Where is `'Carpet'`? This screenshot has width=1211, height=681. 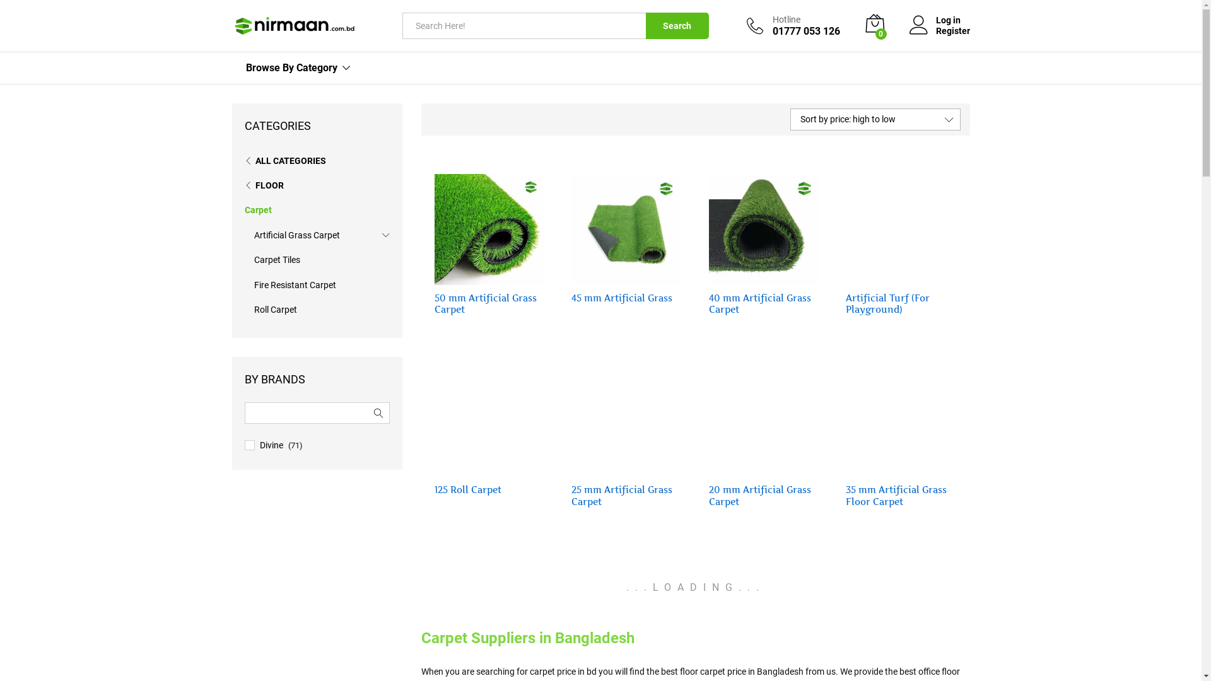
'Carpet' is located at coordinates (257, 209).